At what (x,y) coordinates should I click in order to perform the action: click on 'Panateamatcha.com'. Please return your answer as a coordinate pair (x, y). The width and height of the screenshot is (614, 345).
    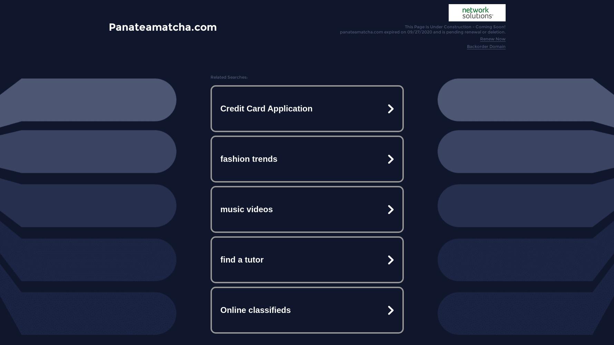
    Looking at the image, I should click on (162, 26).